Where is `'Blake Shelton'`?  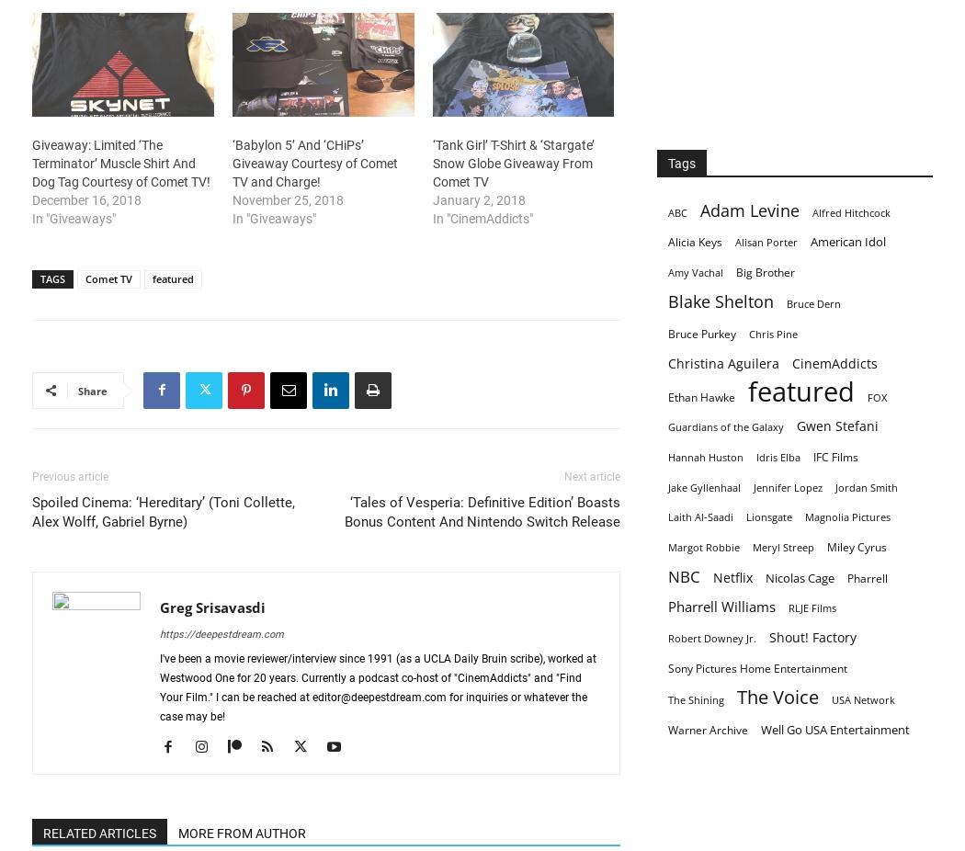 'Blake Shelton' is located at coordinates (721, 301).